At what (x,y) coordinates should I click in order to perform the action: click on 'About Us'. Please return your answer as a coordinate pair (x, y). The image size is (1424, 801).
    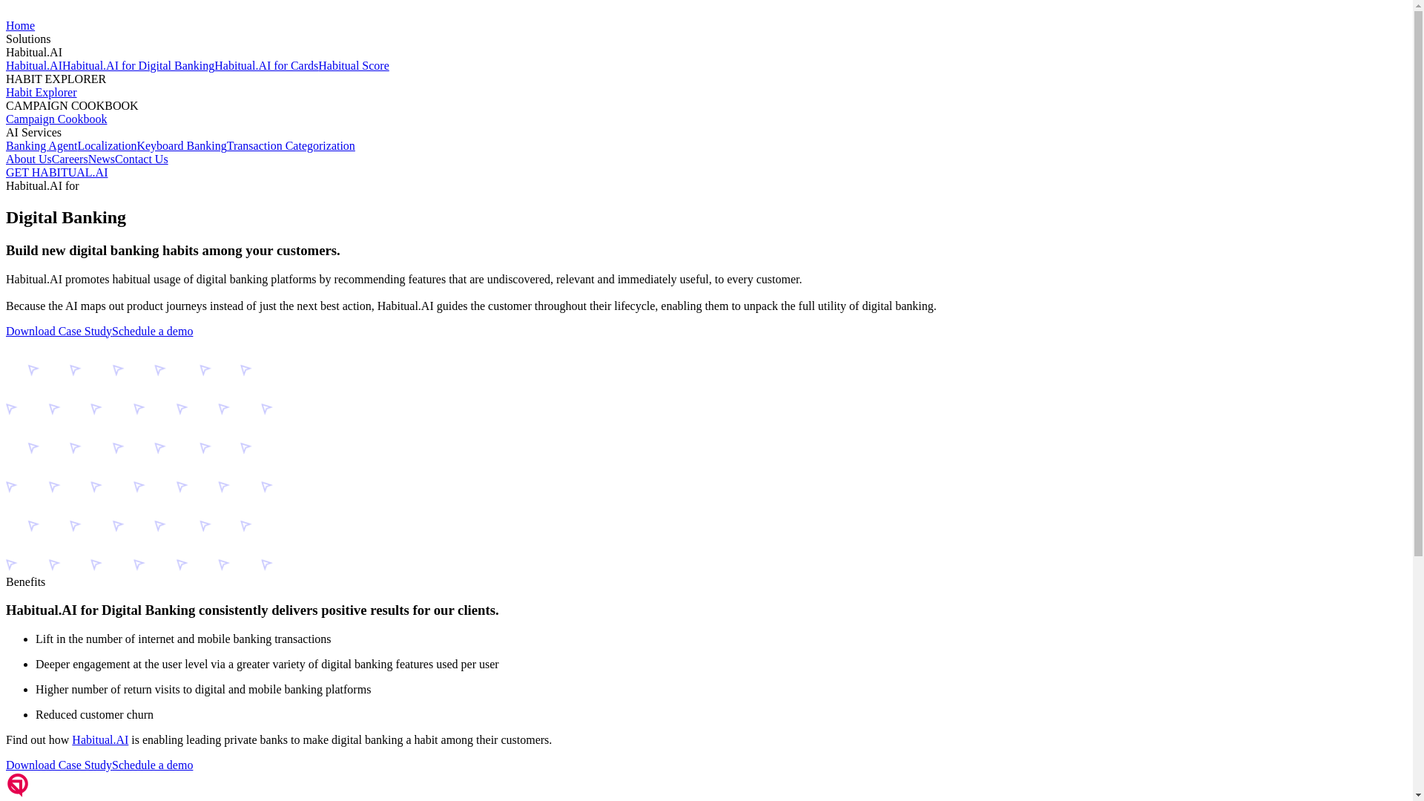
    Looking at the image, I should click on (28, 159).